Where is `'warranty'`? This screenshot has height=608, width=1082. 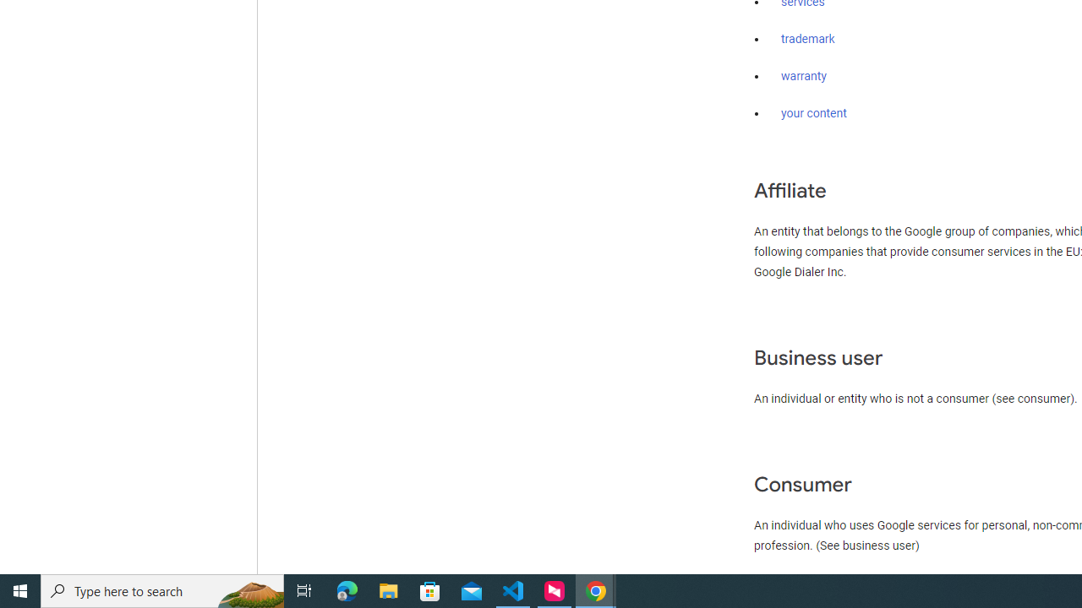
'warranty' is located at coordinates (803, 77).